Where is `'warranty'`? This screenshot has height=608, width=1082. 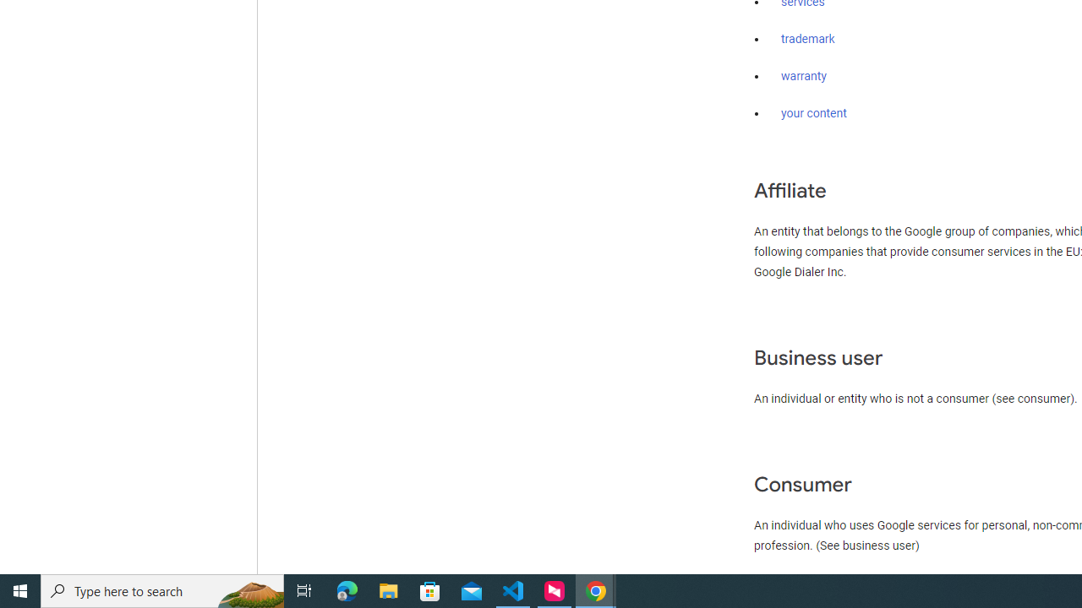
'warranty' is located at coordinates (803, 77).